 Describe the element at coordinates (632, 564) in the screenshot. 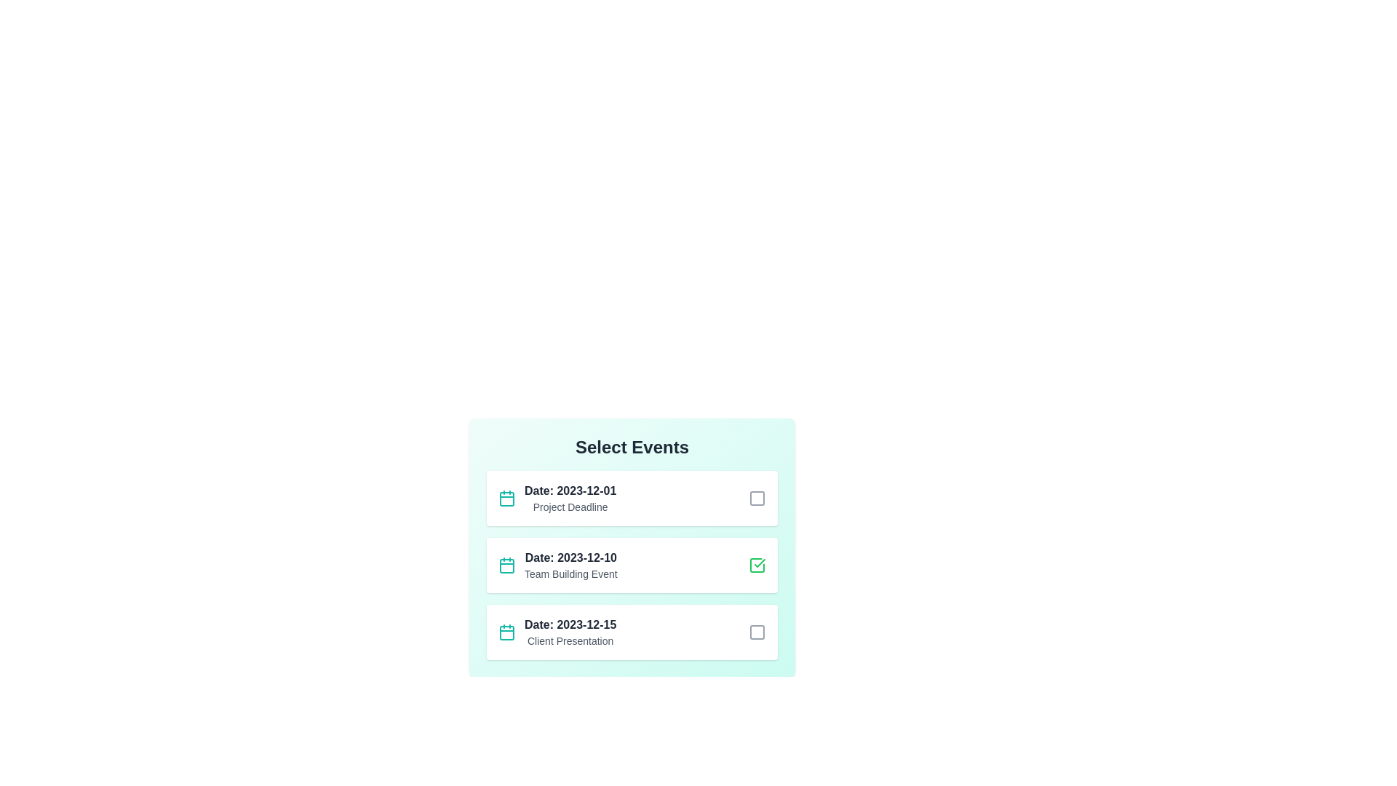

I see `the event item corresponding to 2` at that location.